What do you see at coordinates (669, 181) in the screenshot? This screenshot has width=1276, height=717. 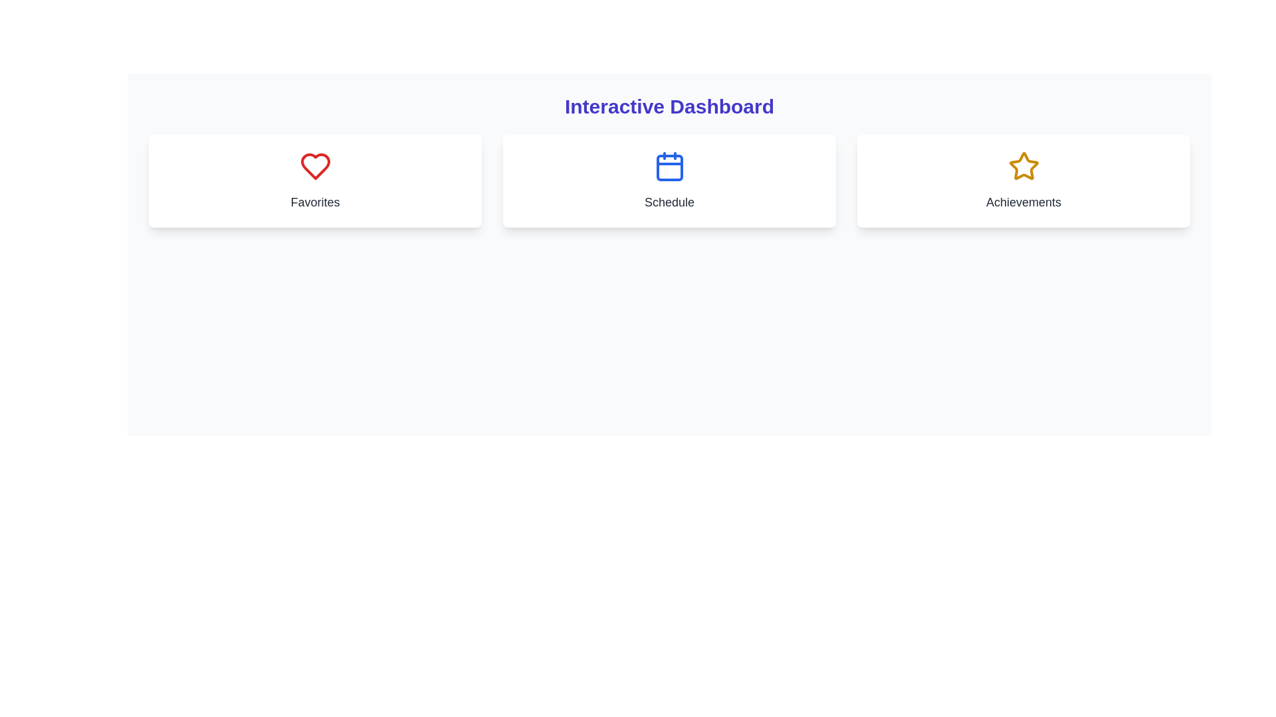 I see `the navigation button located under the 'Interactive Dashboard' header` at bounding box center [669, 181].